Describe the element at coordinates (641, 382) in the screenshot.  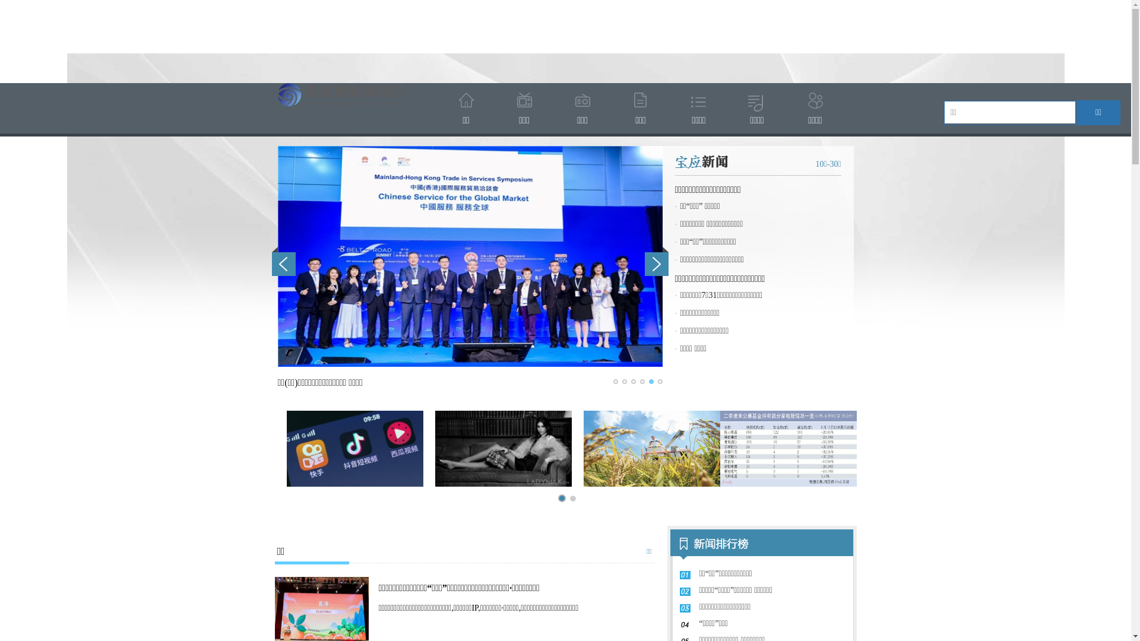
I see `'4'` at that location.